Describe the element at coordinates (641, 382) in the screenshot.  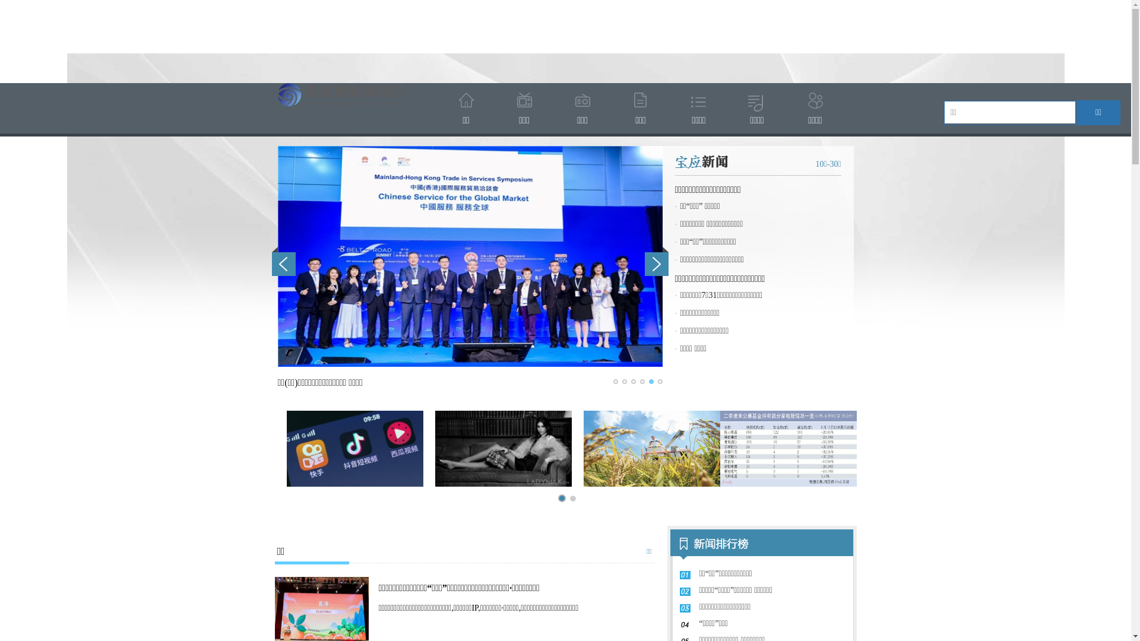
I see `'4'` at that location.